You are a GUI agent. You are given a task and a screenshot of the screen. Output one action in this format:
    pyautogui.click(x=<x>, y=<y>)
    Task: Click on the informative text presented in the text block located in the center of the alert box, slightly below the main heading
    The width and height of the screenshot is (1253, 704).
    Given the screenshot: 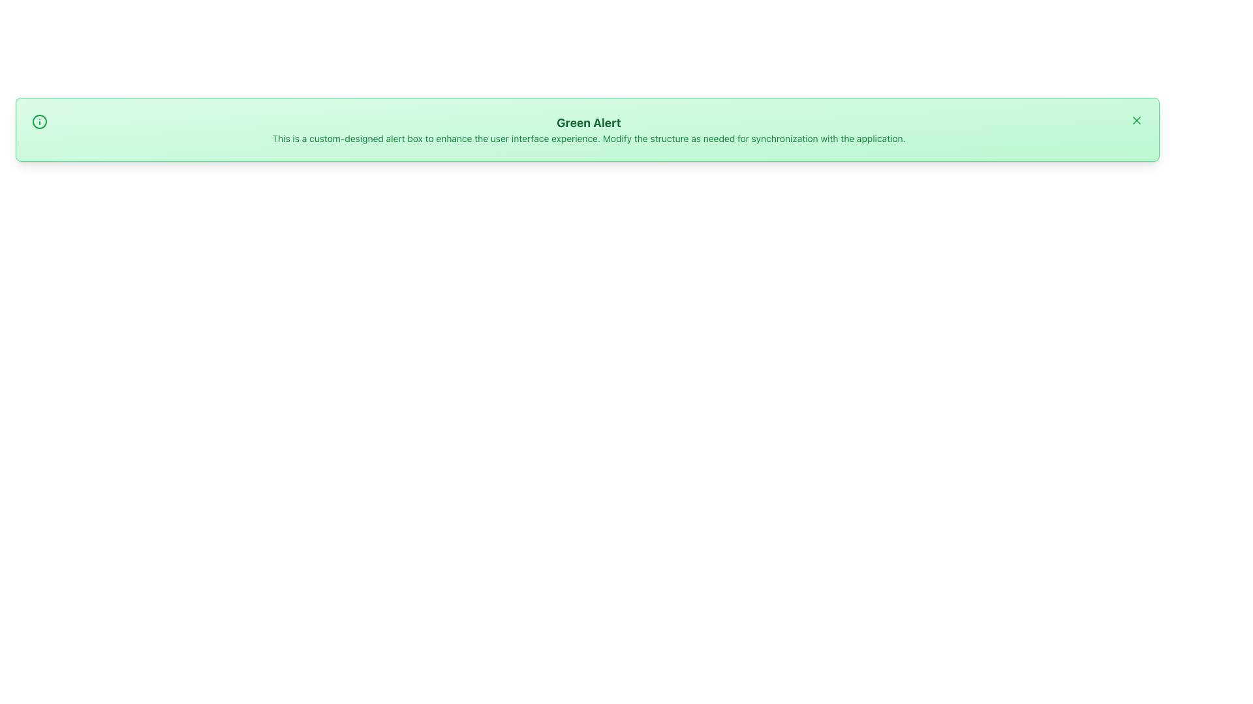 What is the action you would take?
    pyautogui.click(x=588, y=130)
    